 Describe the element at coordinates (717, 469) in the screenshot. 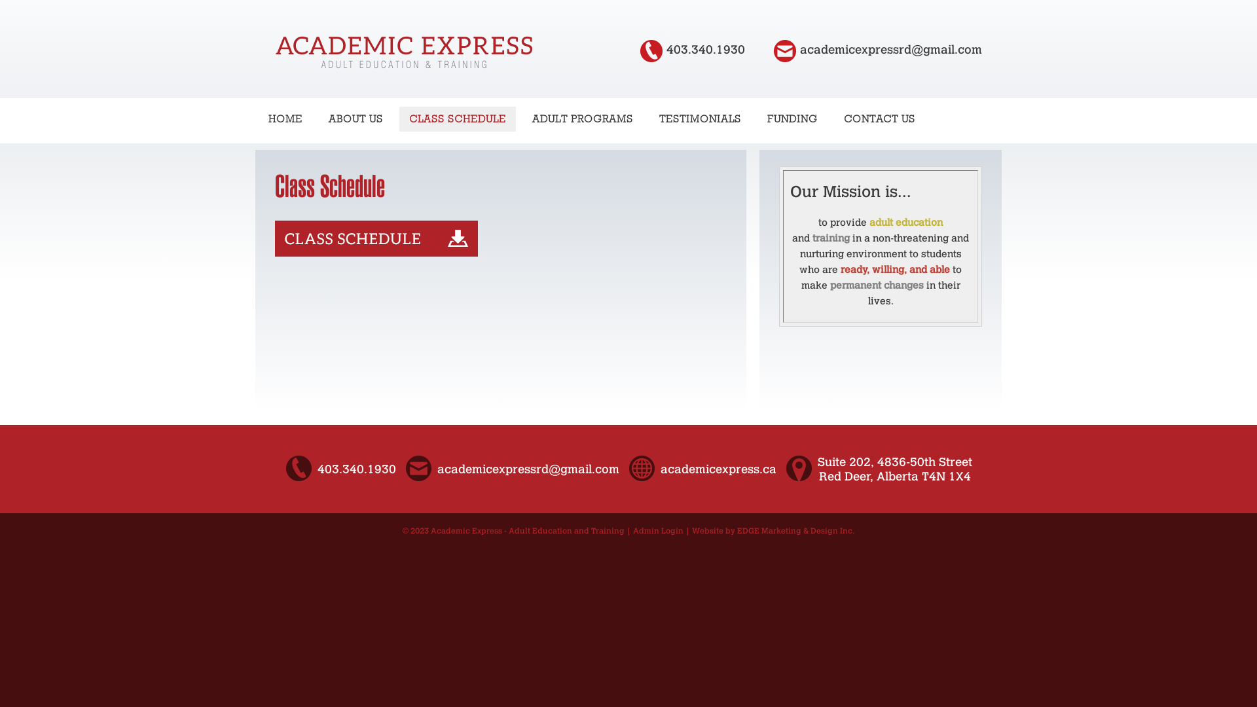

I see `'academicexpress.ca'` at that location.